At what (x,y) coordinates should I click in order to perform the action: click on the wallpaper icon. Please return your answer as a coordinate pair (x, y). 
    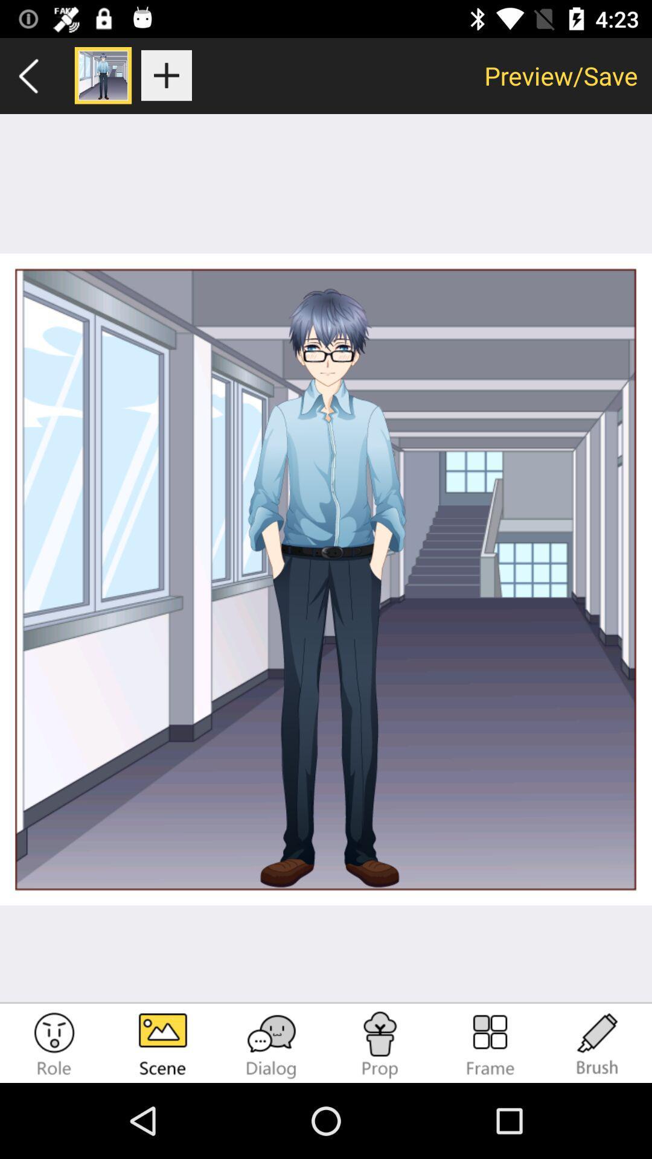
    Looking at the image, I should click on (163, 1044).